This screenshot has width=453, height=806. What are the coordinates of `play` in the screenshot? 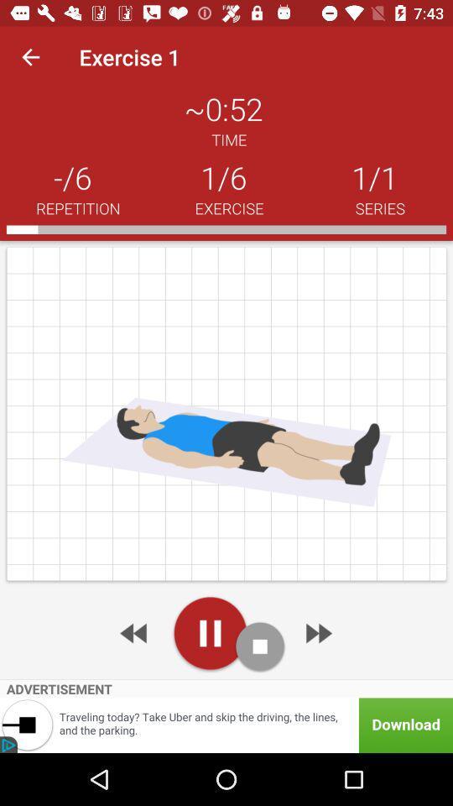 It's located at (210, 632).